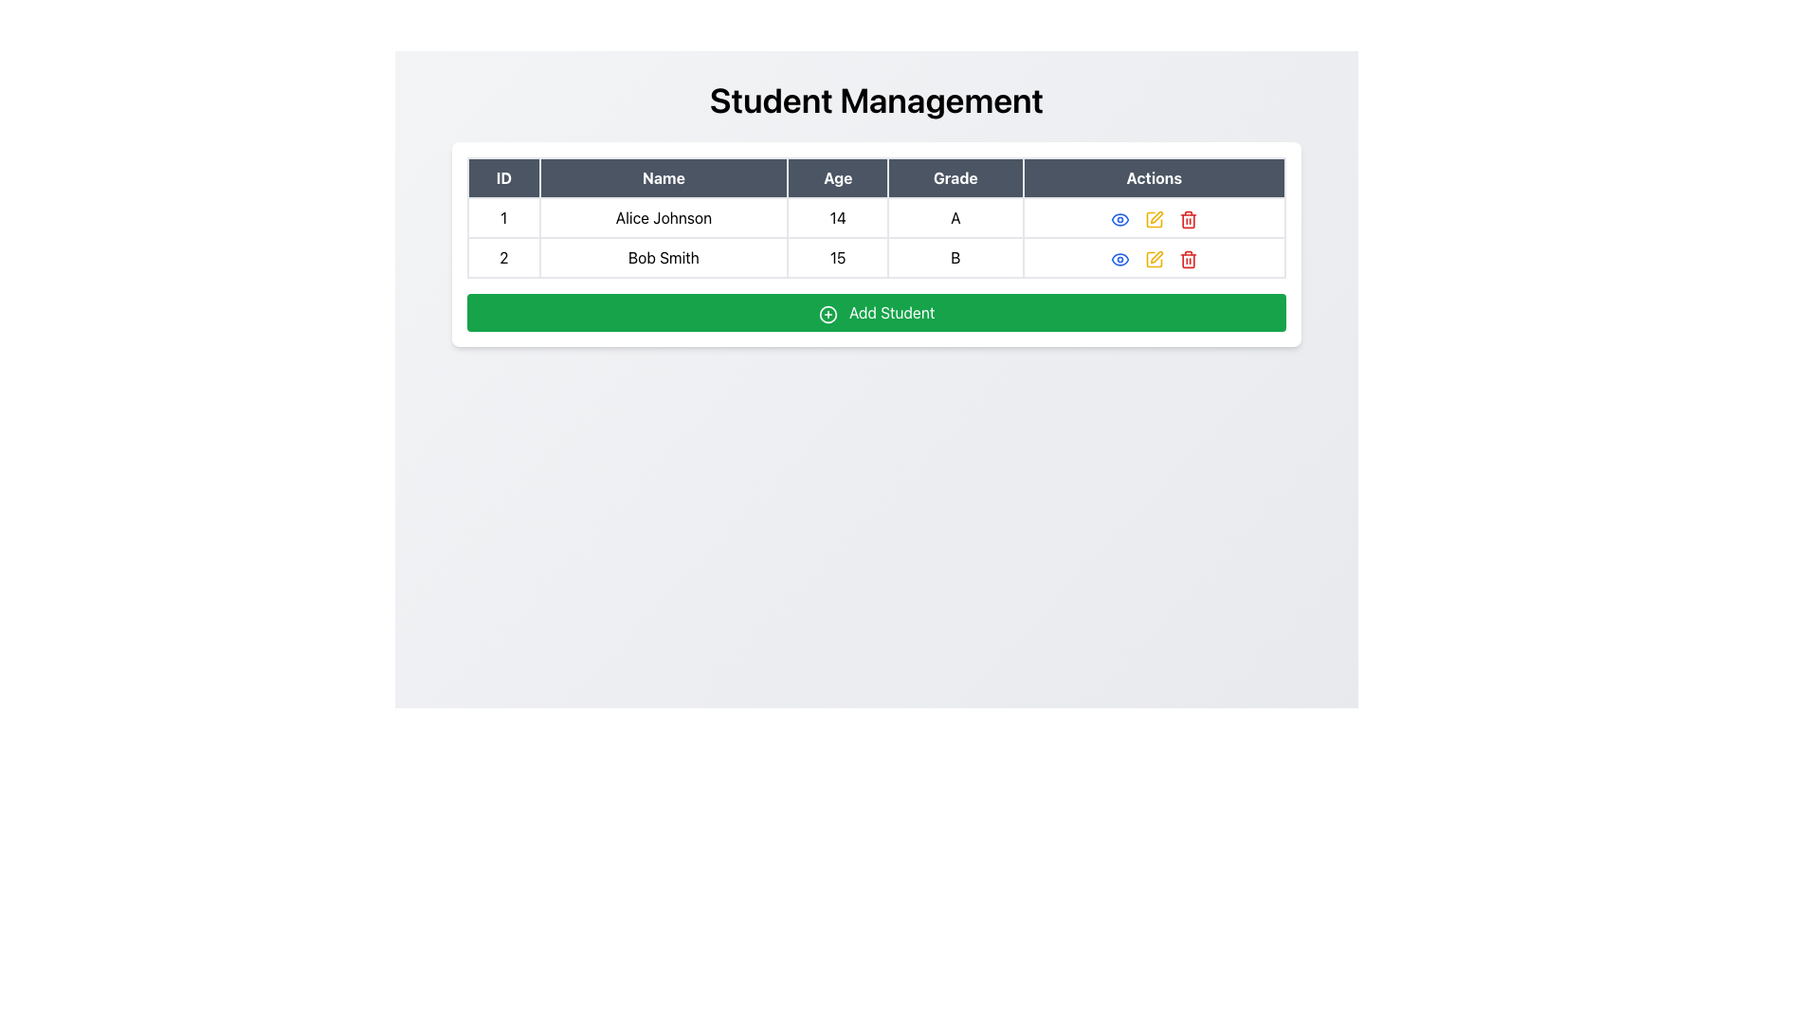 The image size is (1820, 1024). Describe the element at coordinates (1119, 259) in the screenshot. I see `the visibility icon in the first row of the actions column` at that location.